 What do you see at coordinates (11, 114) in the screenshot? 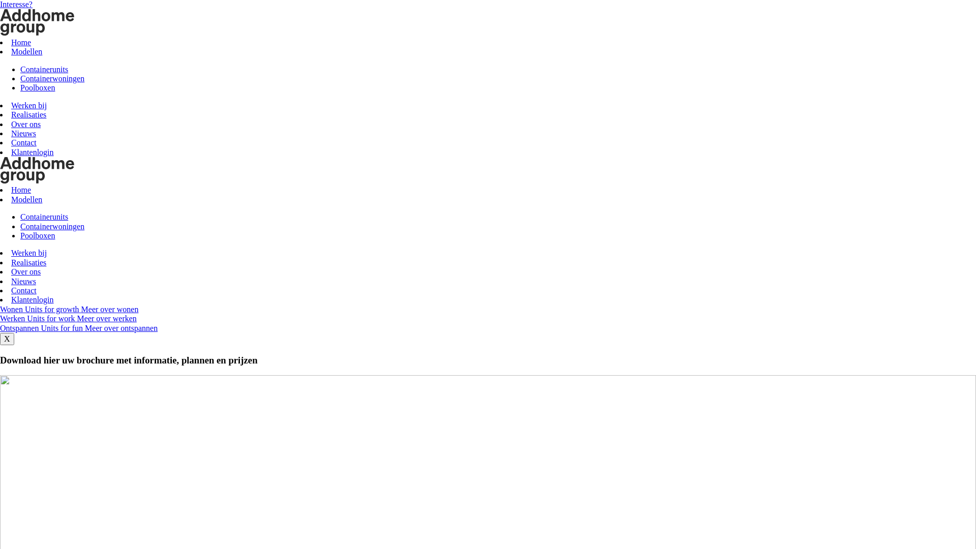
I see `'Realisaties'` at bounding box center [11, 114].